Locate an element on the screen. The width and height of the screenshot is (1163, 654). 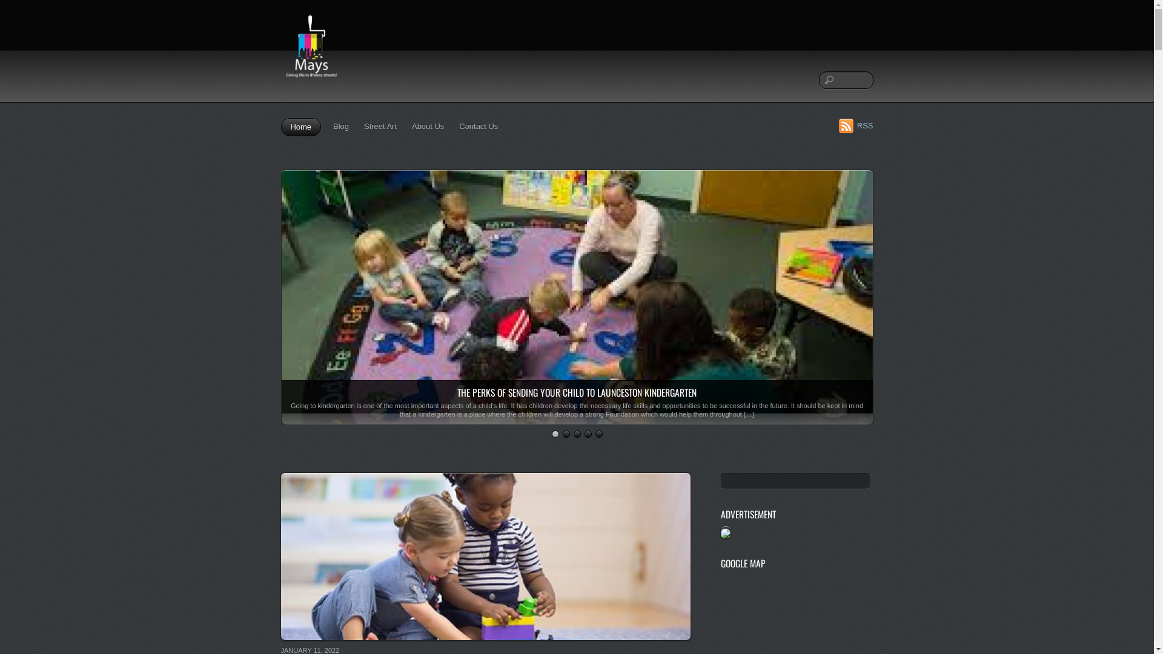
'RSS' is located at coordinates (855, 125).